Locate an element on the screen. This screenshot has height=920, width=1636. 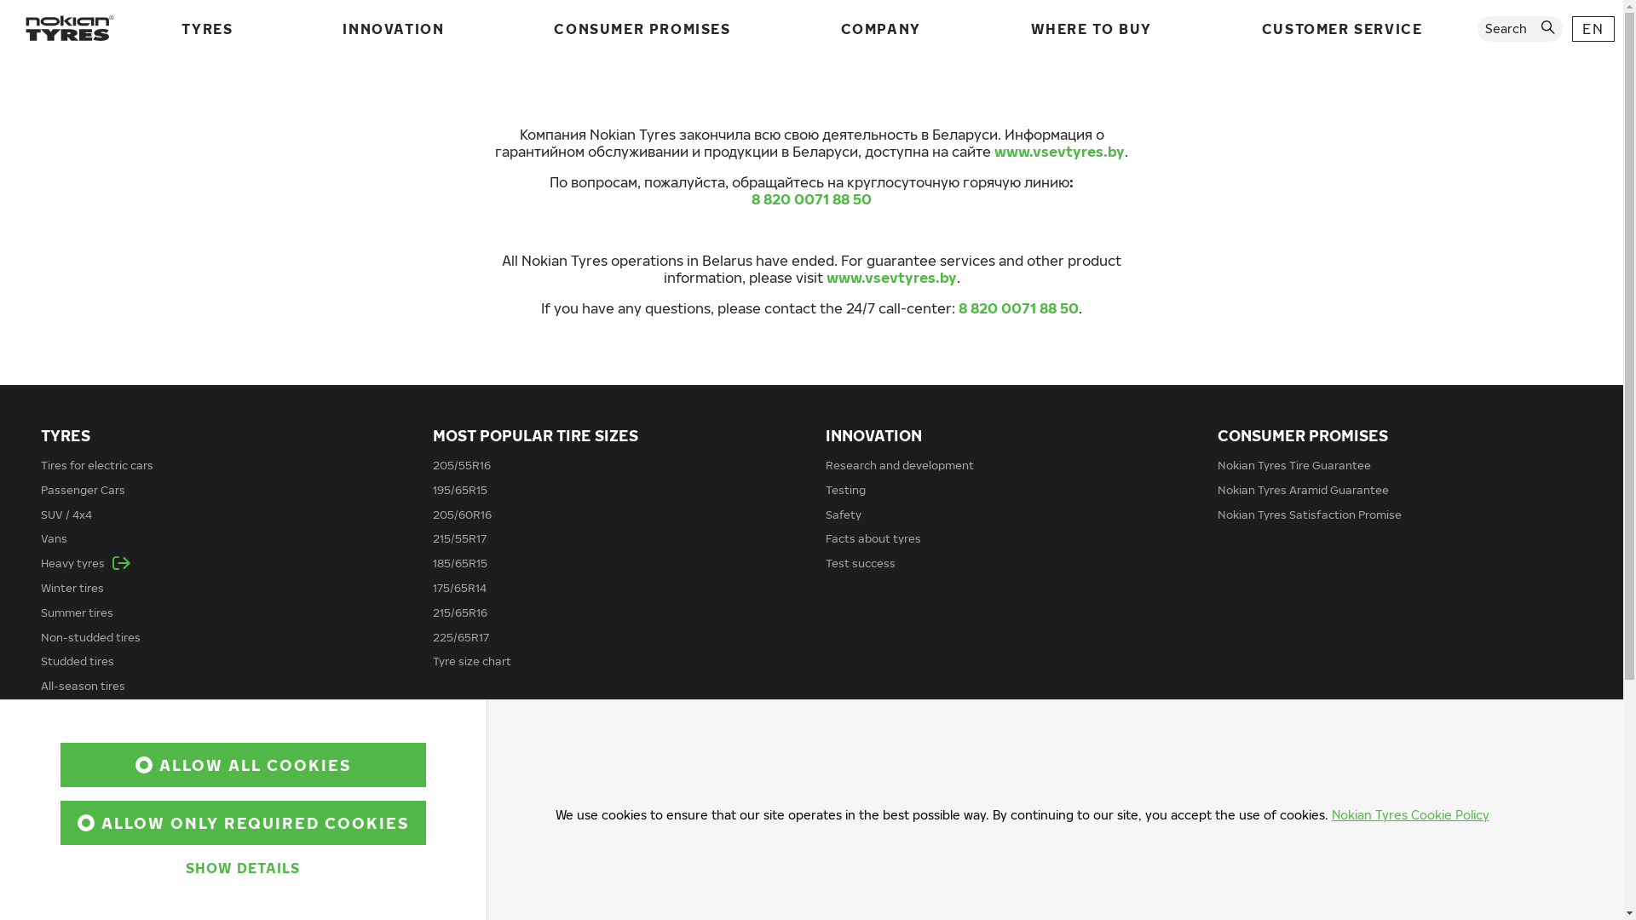
'Nokian Tyres Satisfaction Promise' is located at coordinates (1308, 514).